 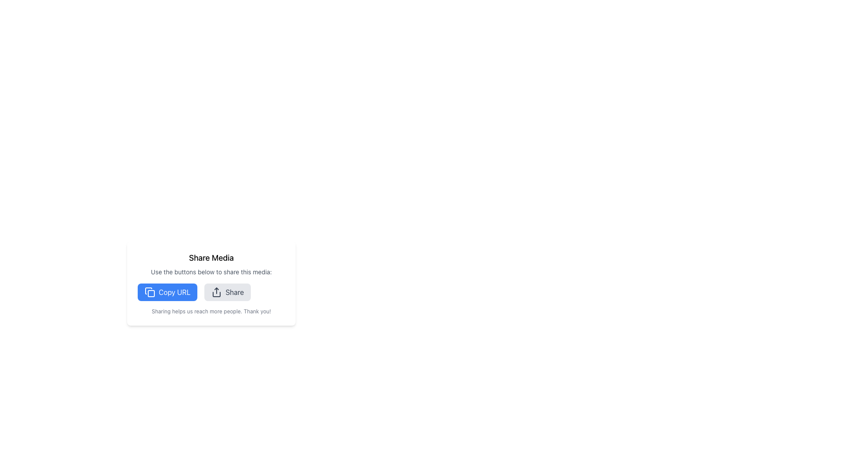 What do you see at coordinates (149, 291) in the screenshot?
I see `the document icon SVG graphic located to the left of the 'Copy URL' button in the media sharing interface` at bounding box center [149, 291].